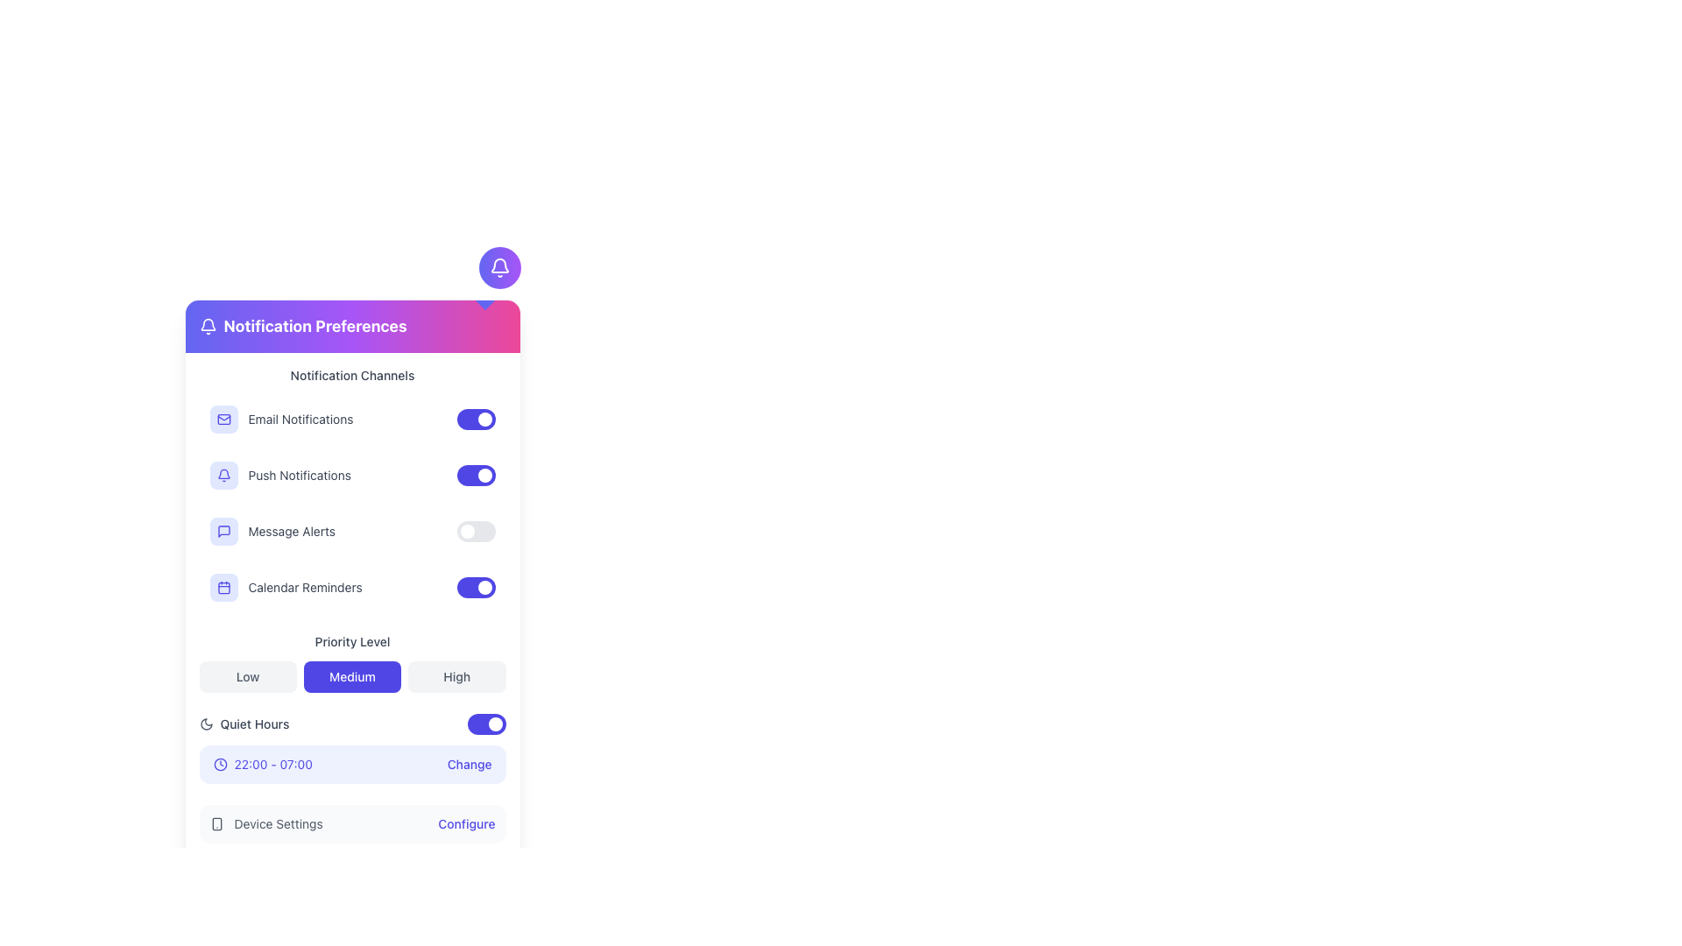  What do you see at coordinates (351, 374) in the screenshot?
I see `the text label 'Notification Channels' which is a medium-sized, gray-colored sans-serif font header located near the top of the 'Notification Preferences' panel` at bounding box center [351, 374].